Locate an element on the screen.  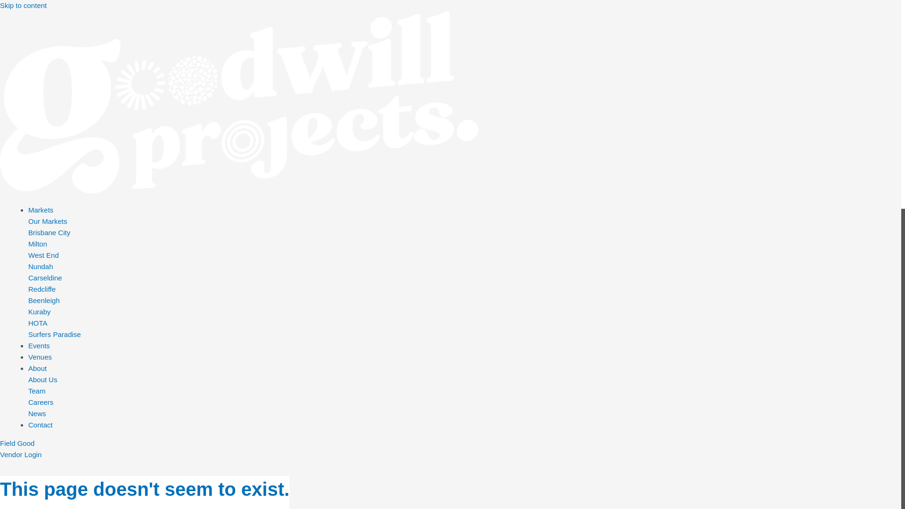
'Skip to content' is located at coordinates (23, 5).